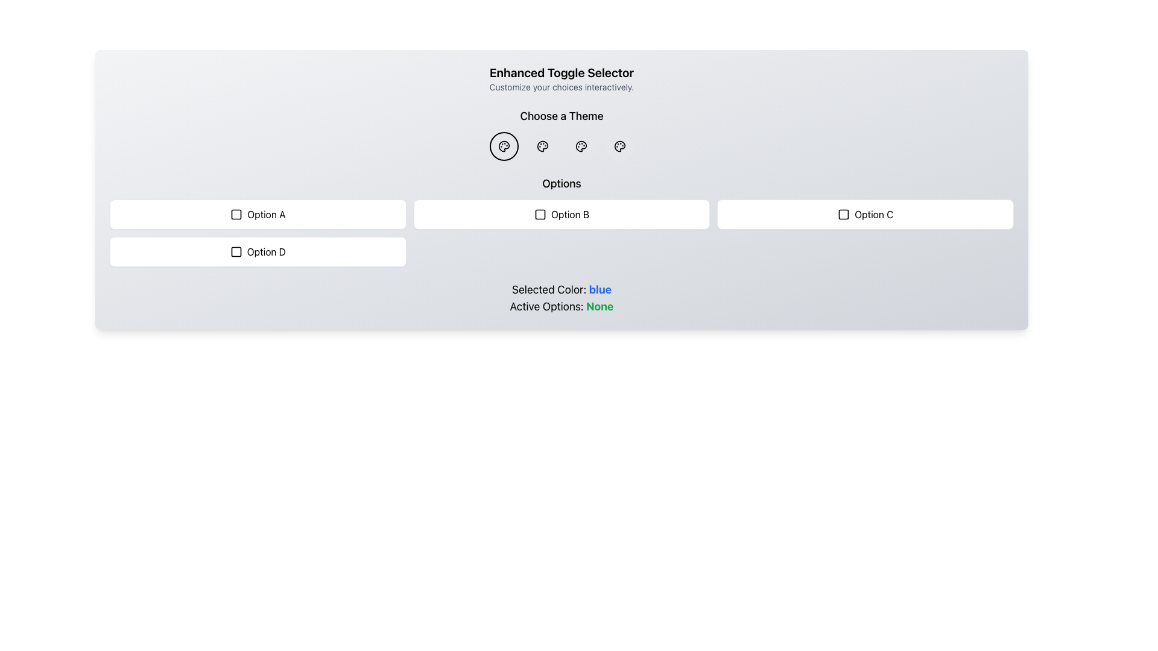  I want to click on the toggle button located above the label 'Option A', which is a small square-shaped button with rounded corners and a red border, so click(236, 213).